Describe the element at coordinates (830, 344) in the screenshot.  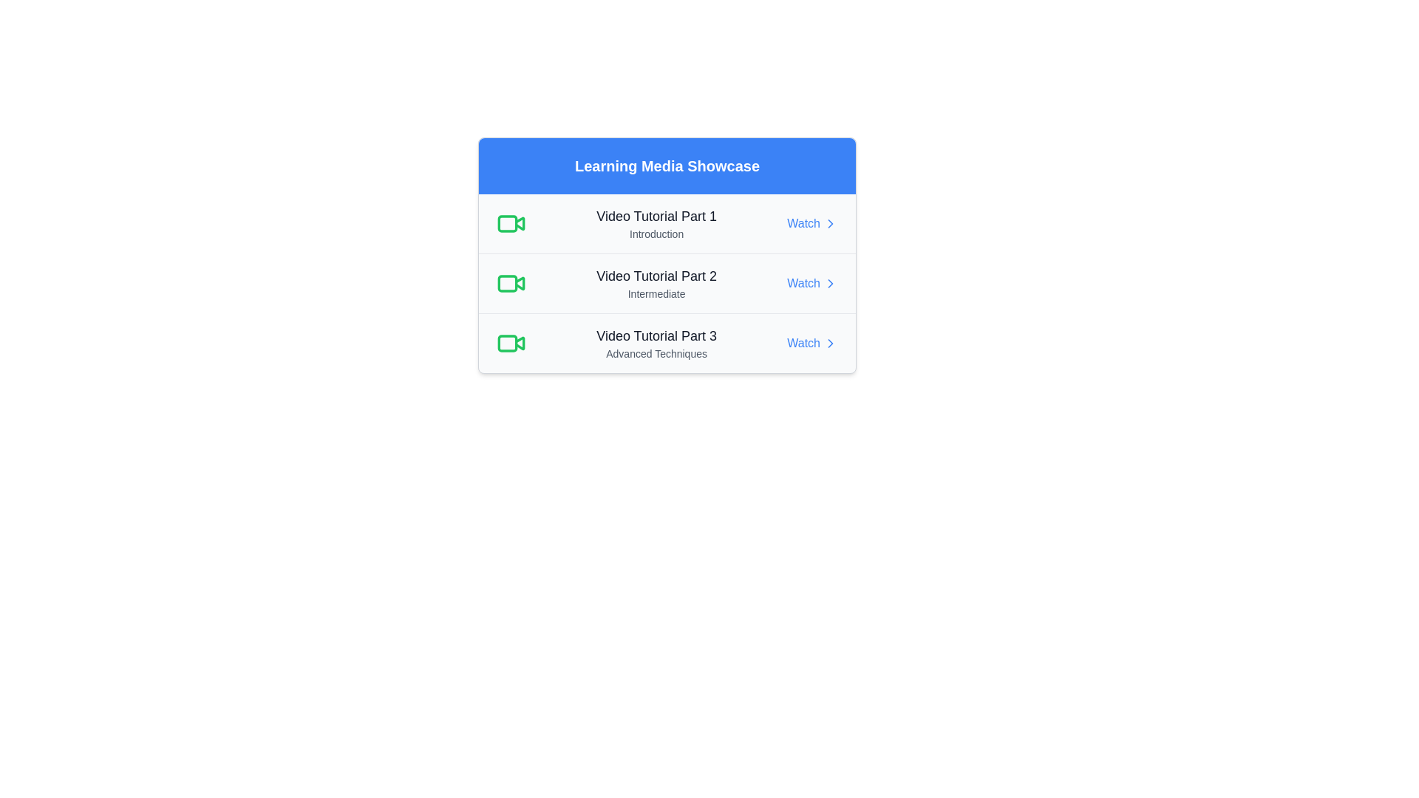
I see `the right-facing chevron icon located to the right of the 'Watch' text in the row associated with 'Video Tutorial Part 1'` at that location.